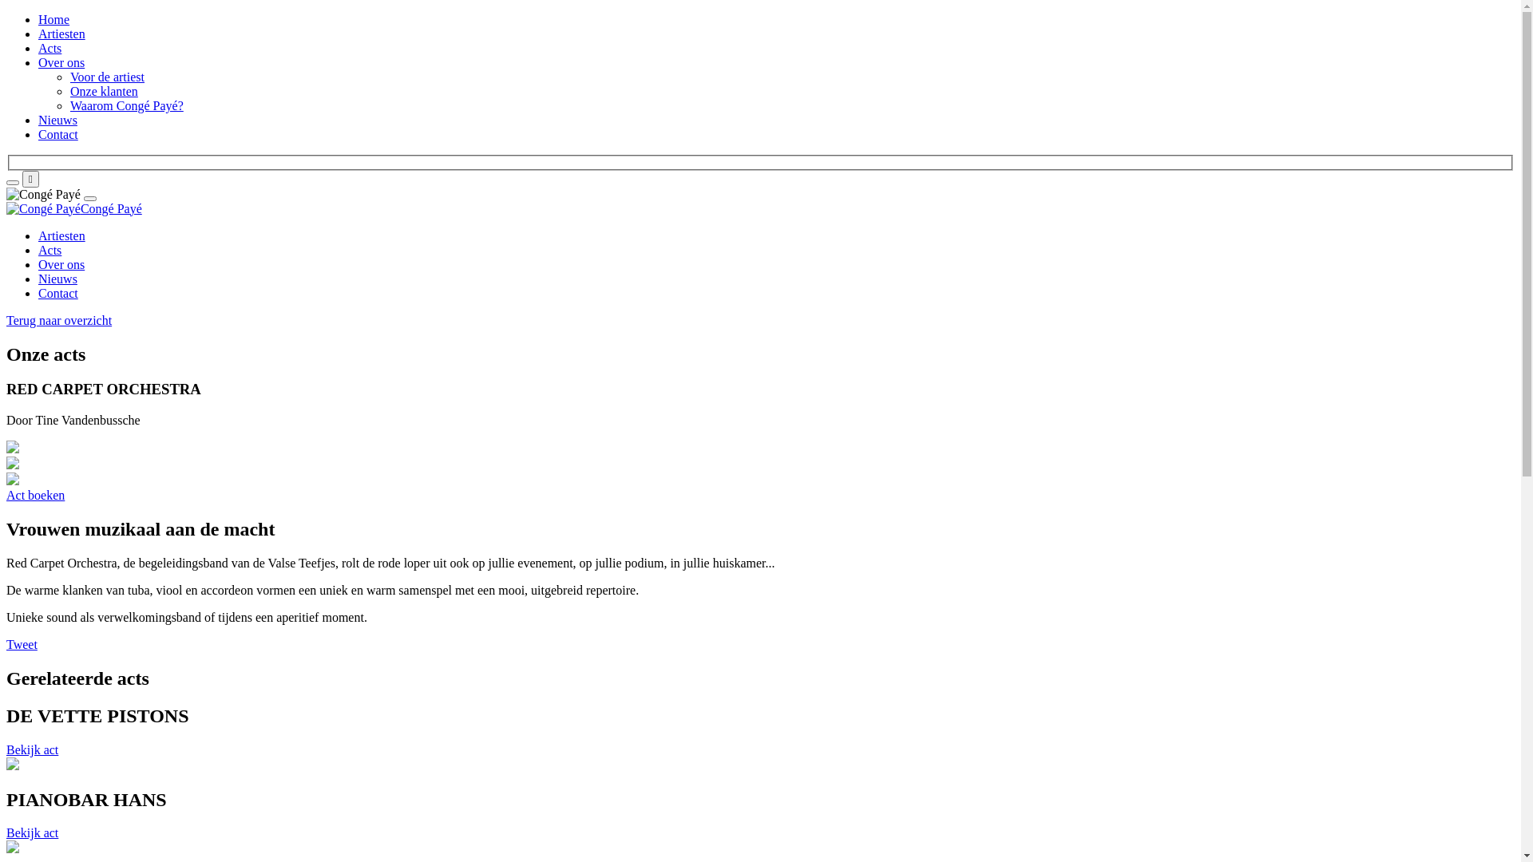  What do you see at coordinates (58, 320) in the screenshot?
I see `'Terug naar overzicht'` at bounding box center [58, 320].